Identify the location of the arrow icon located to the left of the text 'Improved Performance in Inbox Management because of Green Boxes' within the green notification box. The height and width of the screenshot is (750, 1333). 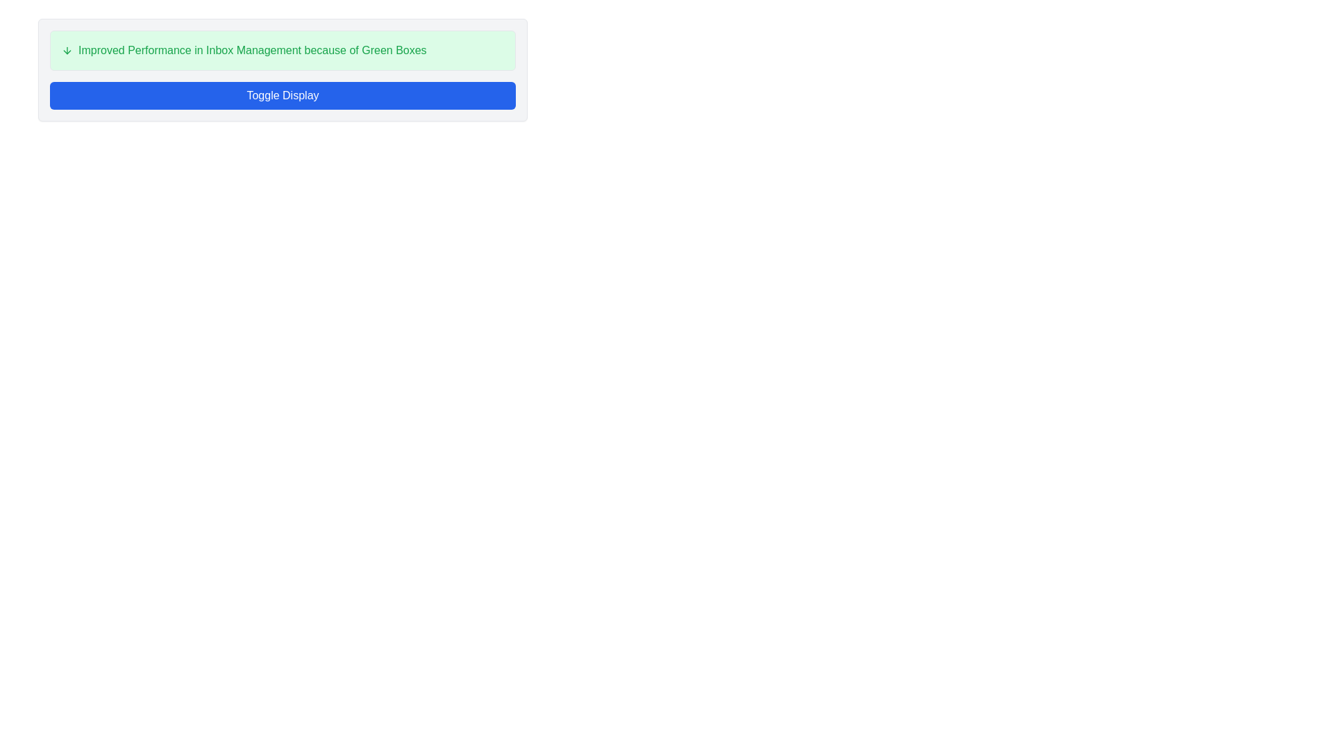
(66, 50).